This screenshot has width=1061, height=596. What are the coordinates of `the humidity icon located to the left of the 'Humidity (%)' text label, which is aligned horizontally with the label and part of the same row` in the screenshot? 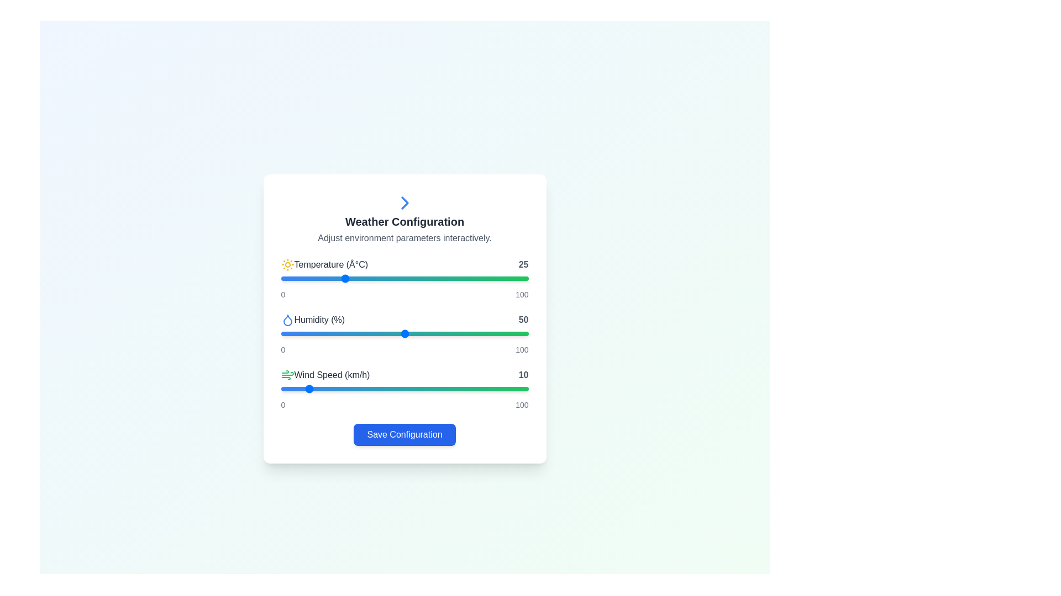 It's located at (287, 320).